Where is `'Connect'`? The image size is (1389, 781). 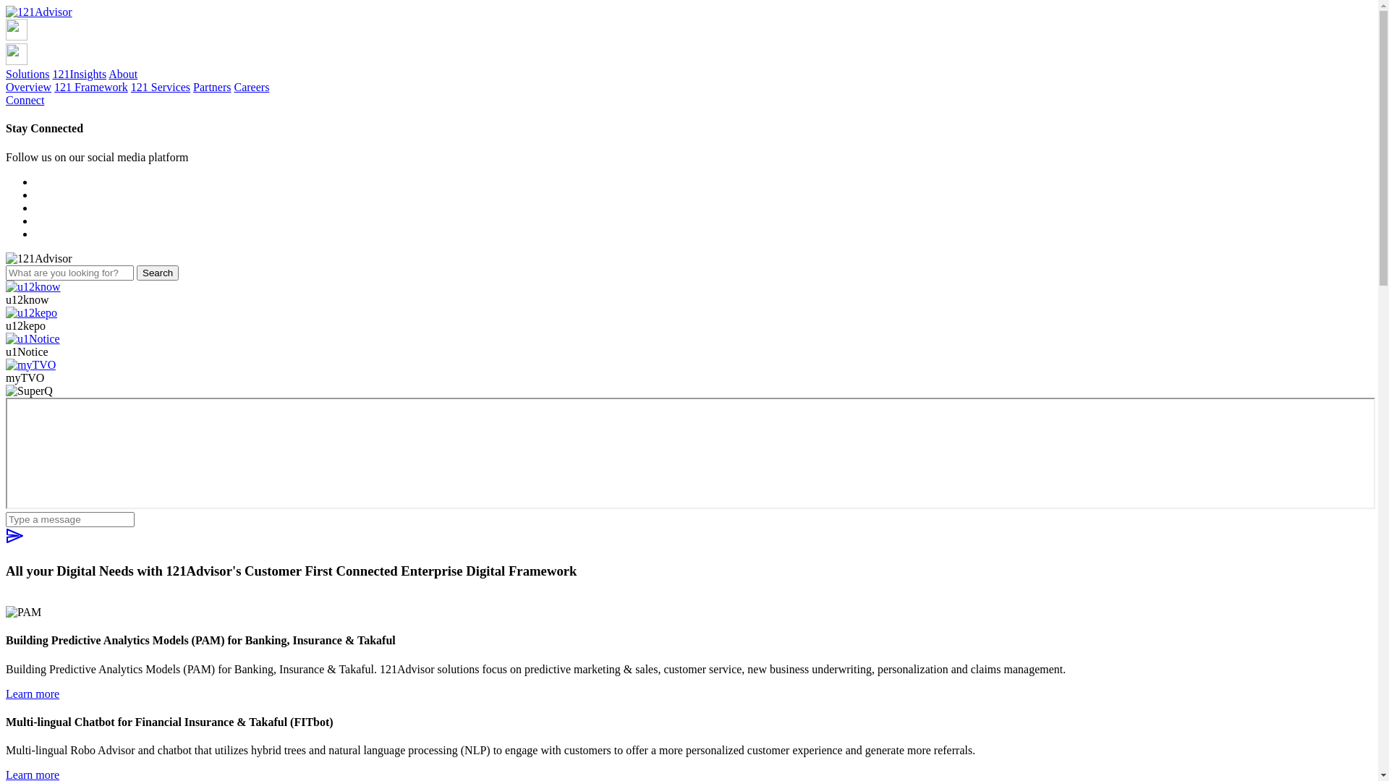 'Connect' is located at coordinates (25, 99).